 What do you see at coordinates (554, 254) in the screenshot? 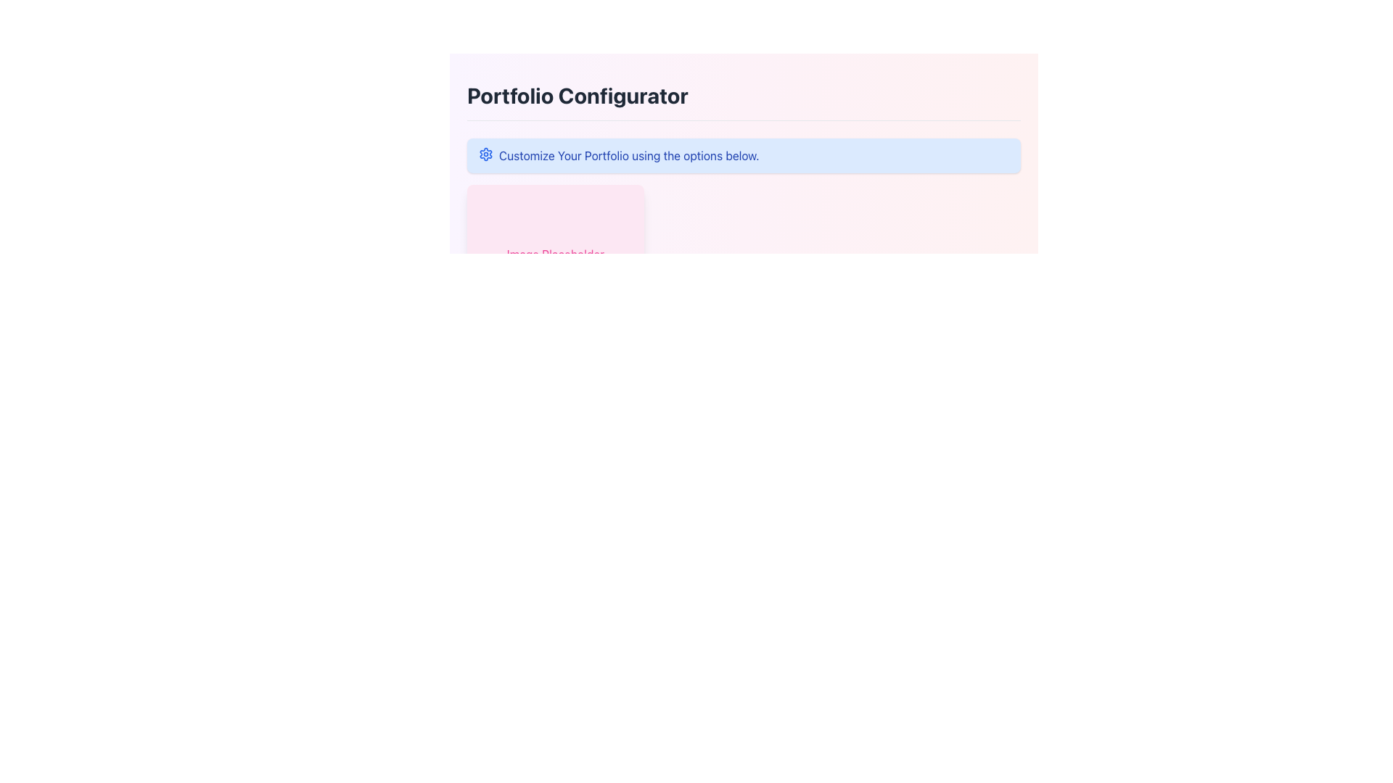
I see `the text label that serves as a placeholder for indicating the intended position or functionality of an image, located at the center of a light pink rectangular box in the lower part of the interface` at bounding box center [554, 254].